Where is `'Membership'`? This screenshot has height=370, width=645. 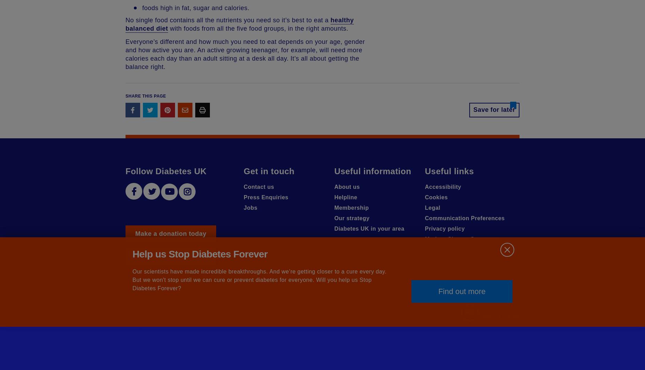
'Membership' is located at coordinates (351, 208).